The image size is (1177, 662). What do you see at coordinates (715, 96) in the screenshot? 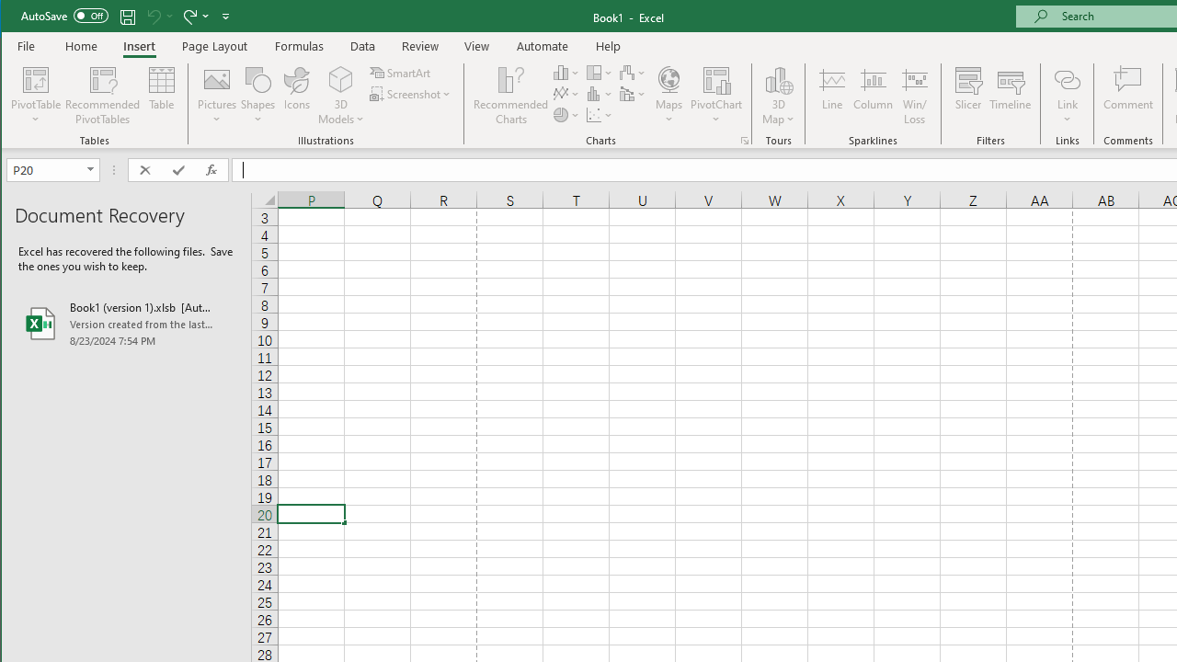
I see `'PivotChart'` at bounding box center [715, 96].